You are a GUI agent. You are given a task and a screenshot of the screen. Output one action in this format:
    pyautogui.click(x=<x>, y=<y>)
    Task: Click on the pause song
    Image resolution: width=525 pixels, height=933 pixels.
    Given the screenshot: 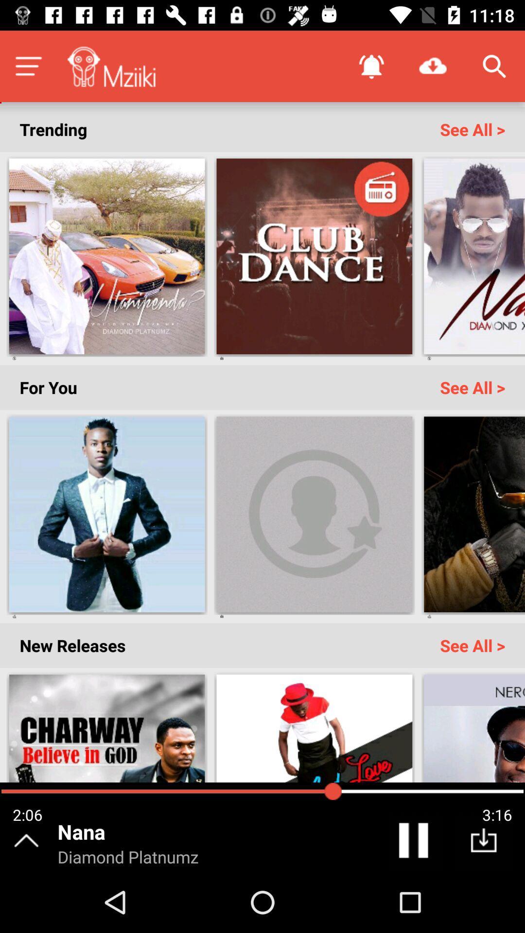 What is the action you would take?
    pyautogui.click(x=415, y=842)
    